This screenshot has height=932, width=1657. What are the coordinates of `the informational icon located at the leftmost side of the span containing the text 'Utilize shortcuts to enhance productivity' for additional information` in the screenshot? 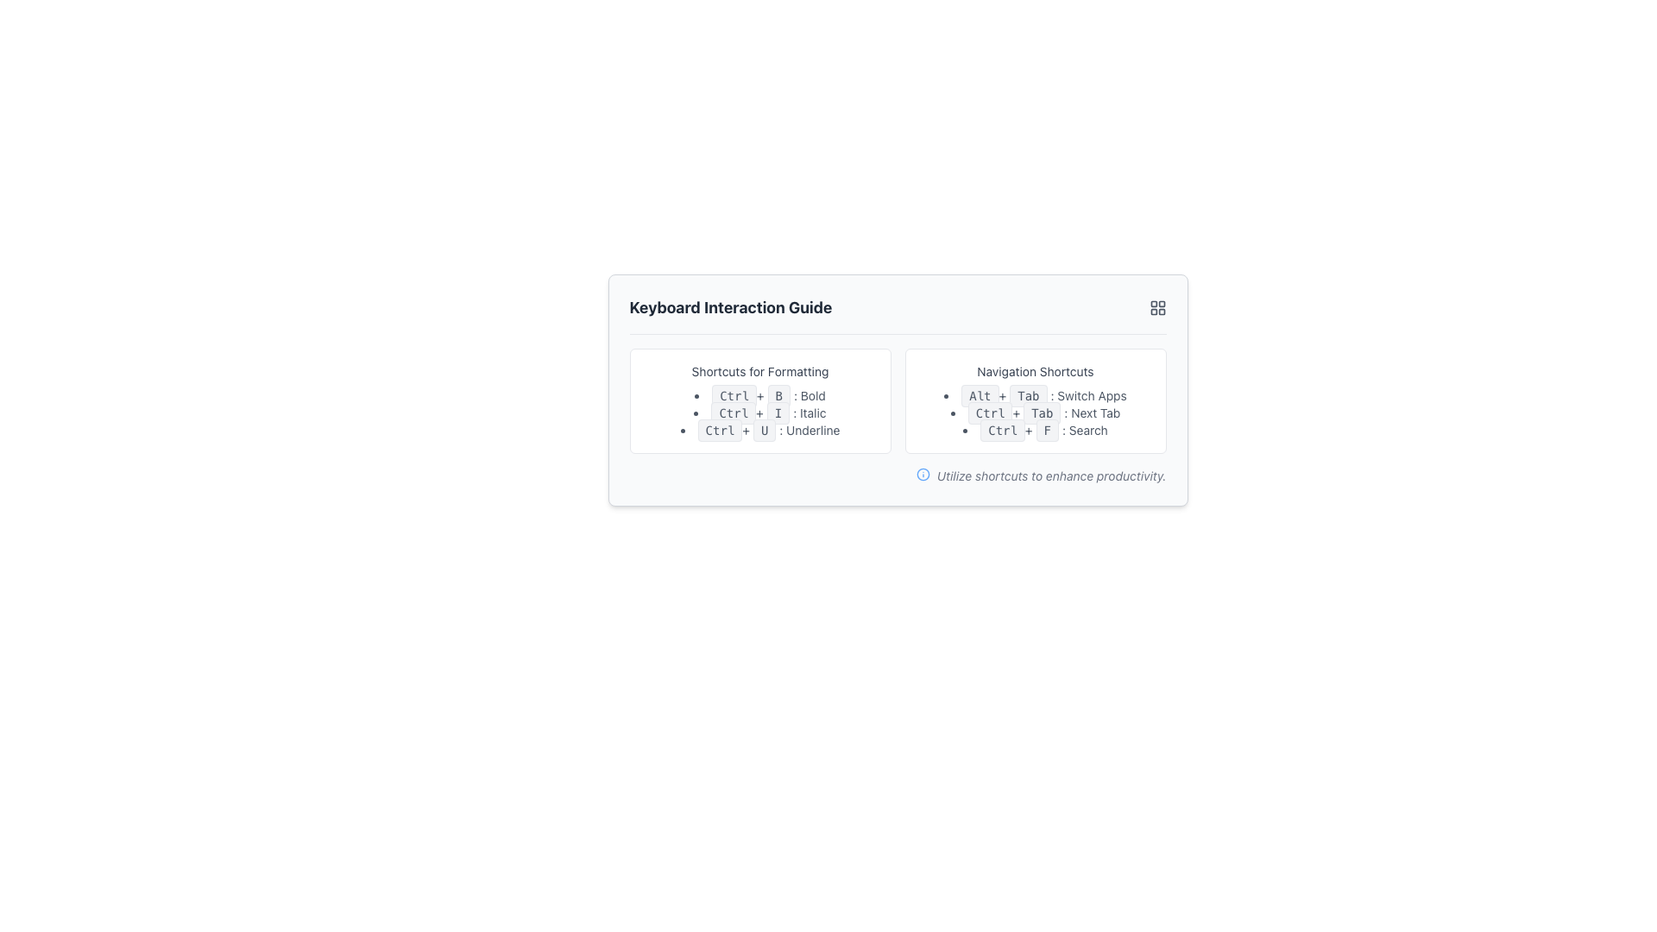 It's located at (922, 475).